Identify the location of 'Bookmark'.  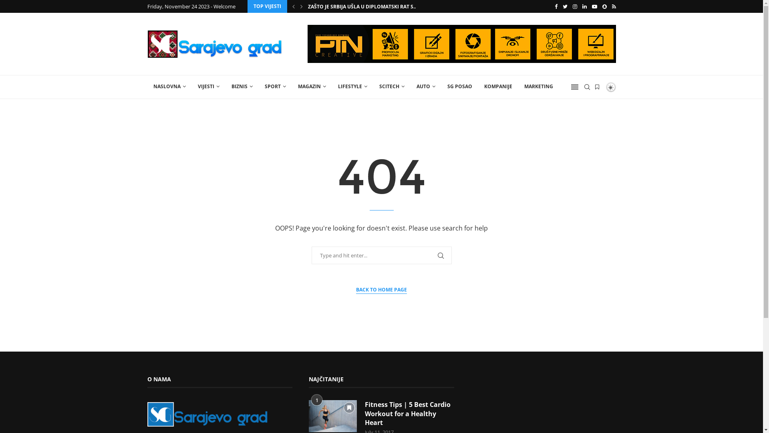
(349, 408).